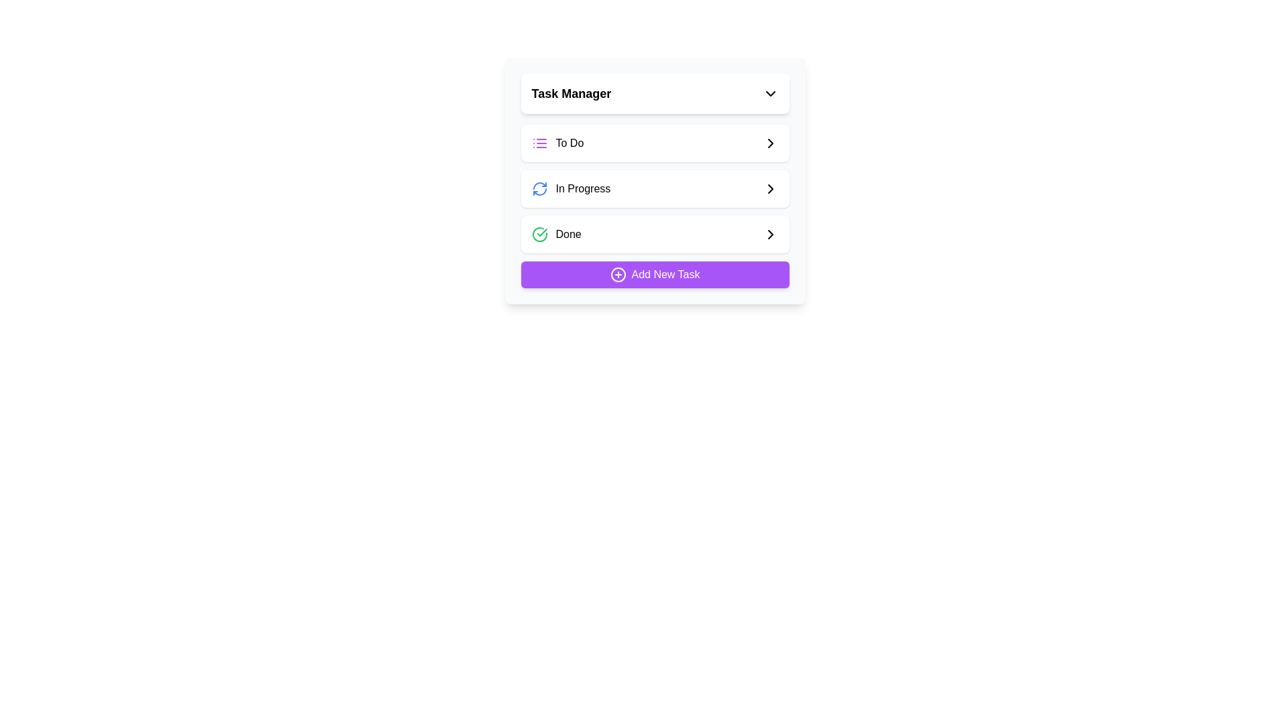 The image size is (1288, 724). I want to click on the interactive list item labeled 'In Progress', so click(655, 188).